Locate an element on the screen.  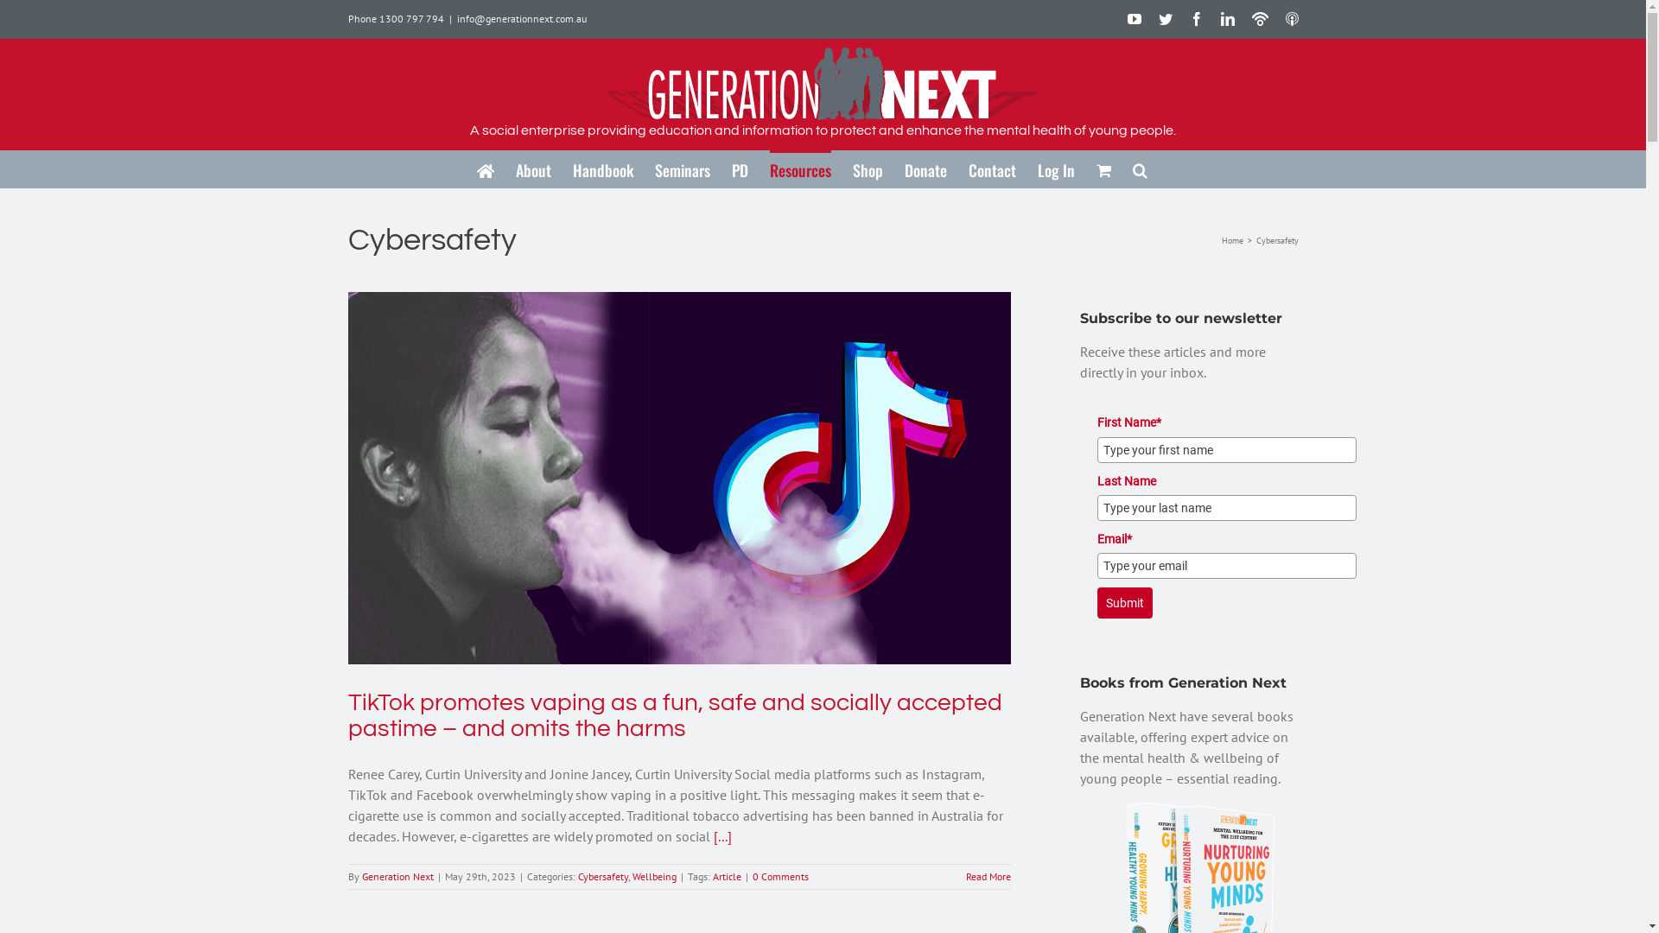
'Log In' is located at coordinates (1055, 168).